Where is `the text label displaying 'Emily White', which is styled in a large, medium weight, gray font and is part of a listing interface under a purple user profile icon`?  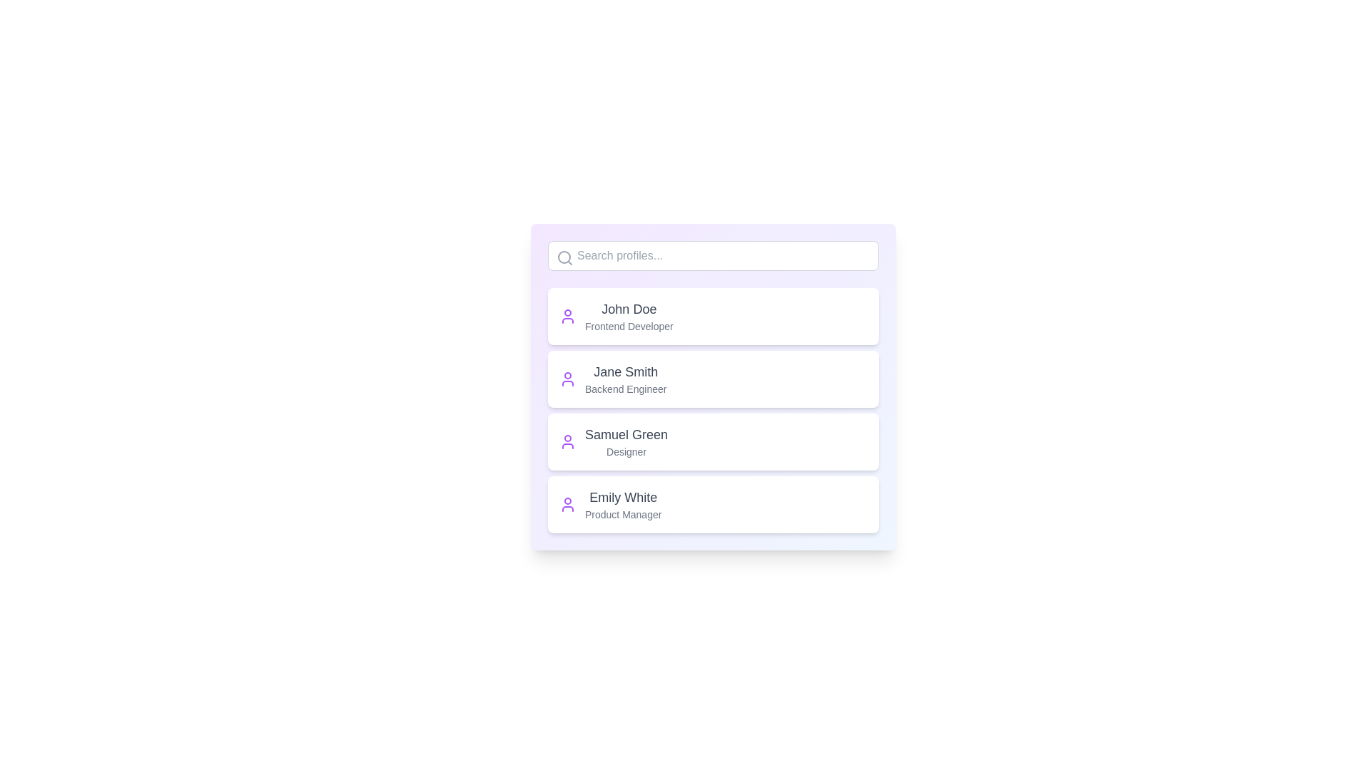
the text label displaying 'Emily White', which is styled in a large, medium weight, gray font and is part of a listing interface under a purple user profile icon is located at coordinates (623, 497).